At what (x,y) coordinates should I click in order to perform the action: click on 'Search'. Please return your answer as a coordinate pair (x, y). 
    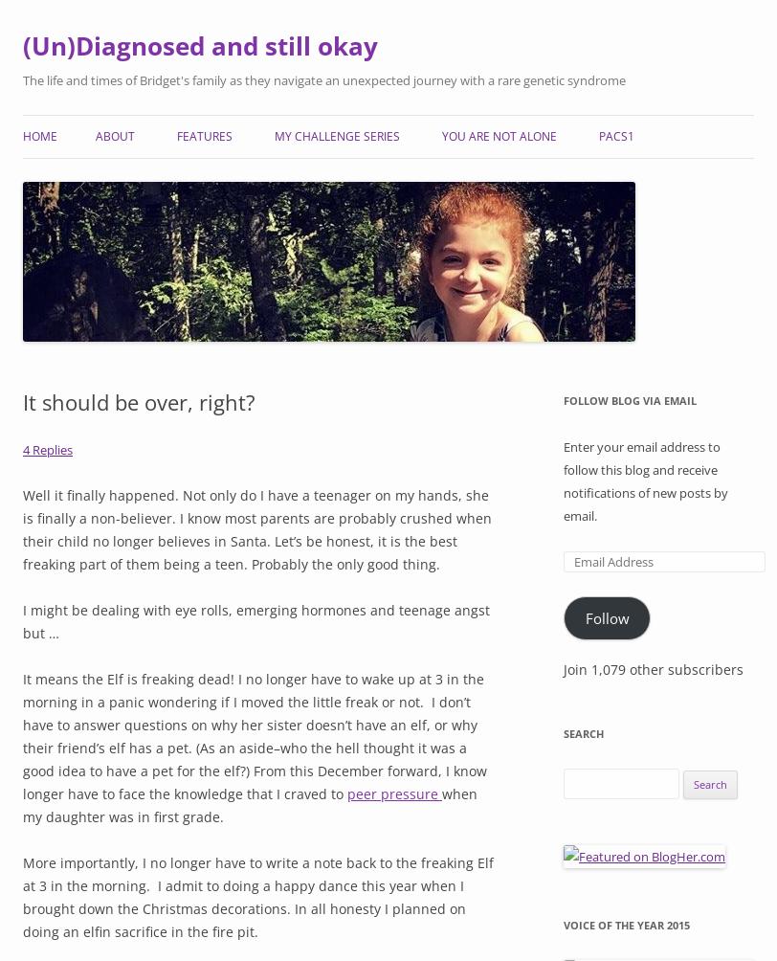
    Looking at the image, I should click on (583, 732).